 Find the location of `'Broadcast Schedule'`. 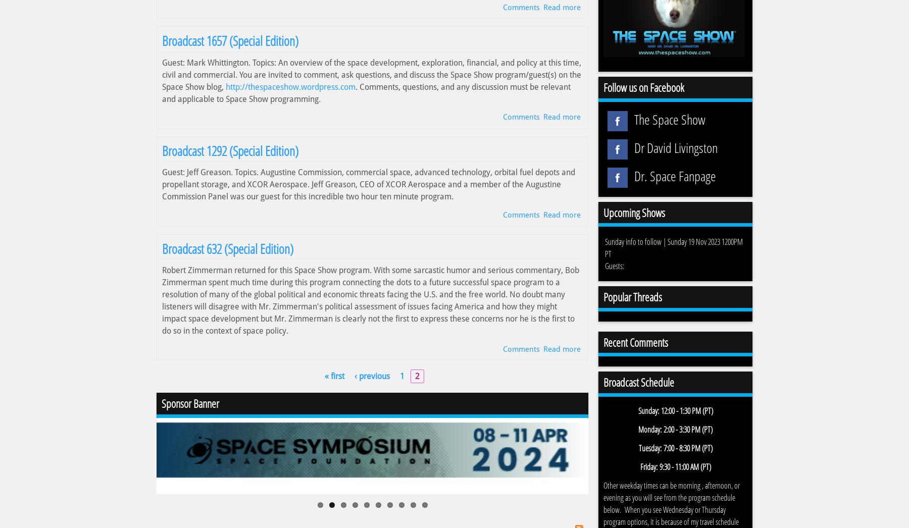

'Broadcast Schedule' is located at coordinates (639, 382).